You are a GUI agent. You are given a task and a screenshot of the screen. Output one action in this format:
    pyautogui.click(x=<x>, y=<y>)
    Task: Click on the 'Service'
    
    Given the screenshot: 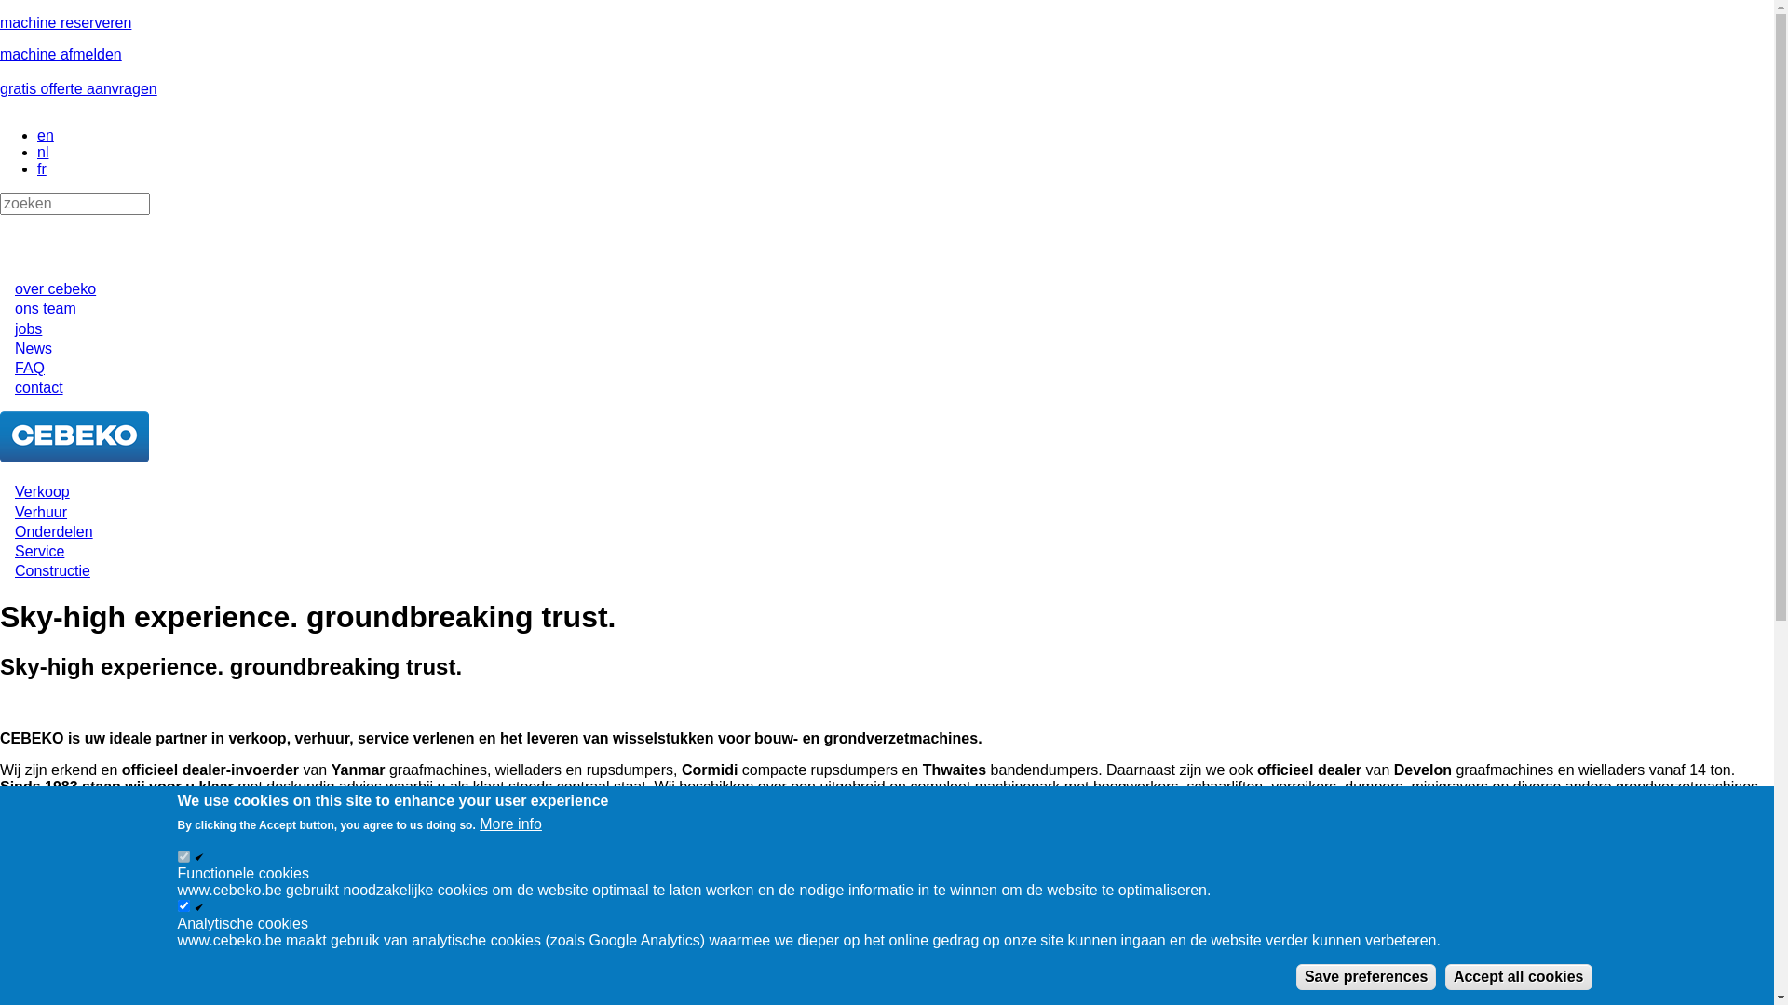 What is the action you would take?
    pyautogui.click(x=39, y=550)
    